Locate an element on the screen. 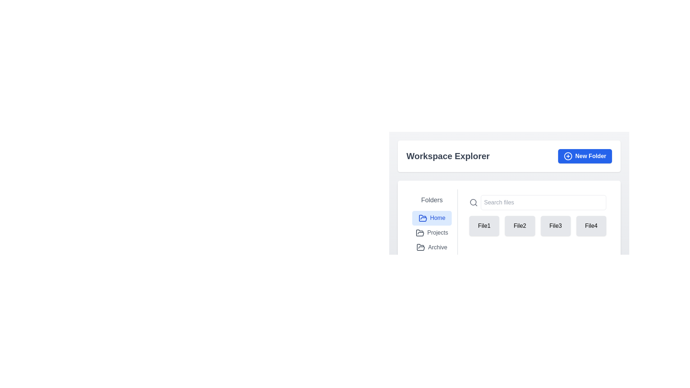 The image size is (690, 388). the Search icon located in the top-right section of the interface, adjacent to the 'Search files' input field is located at coordinates (474, 202).